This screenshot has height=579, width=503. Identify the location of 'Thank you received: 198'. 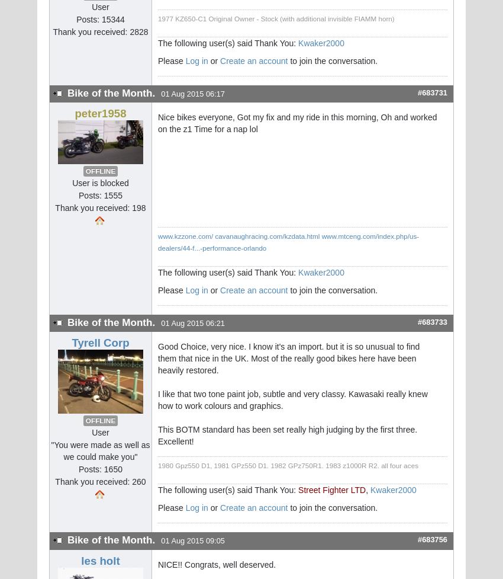
(100, 208).